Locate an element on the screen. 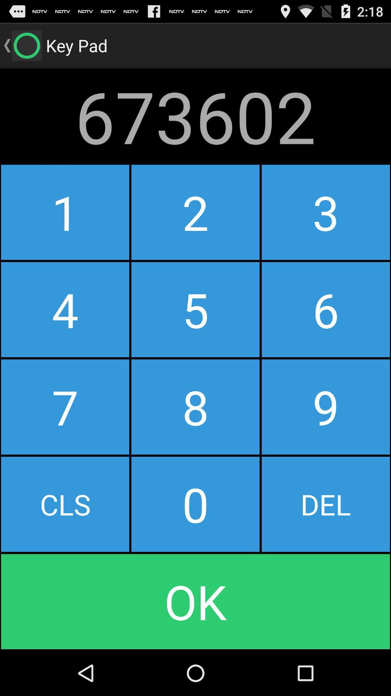 This screenshot has height=696, width=391. icon below cls icon is located at coordinates (195, 601).